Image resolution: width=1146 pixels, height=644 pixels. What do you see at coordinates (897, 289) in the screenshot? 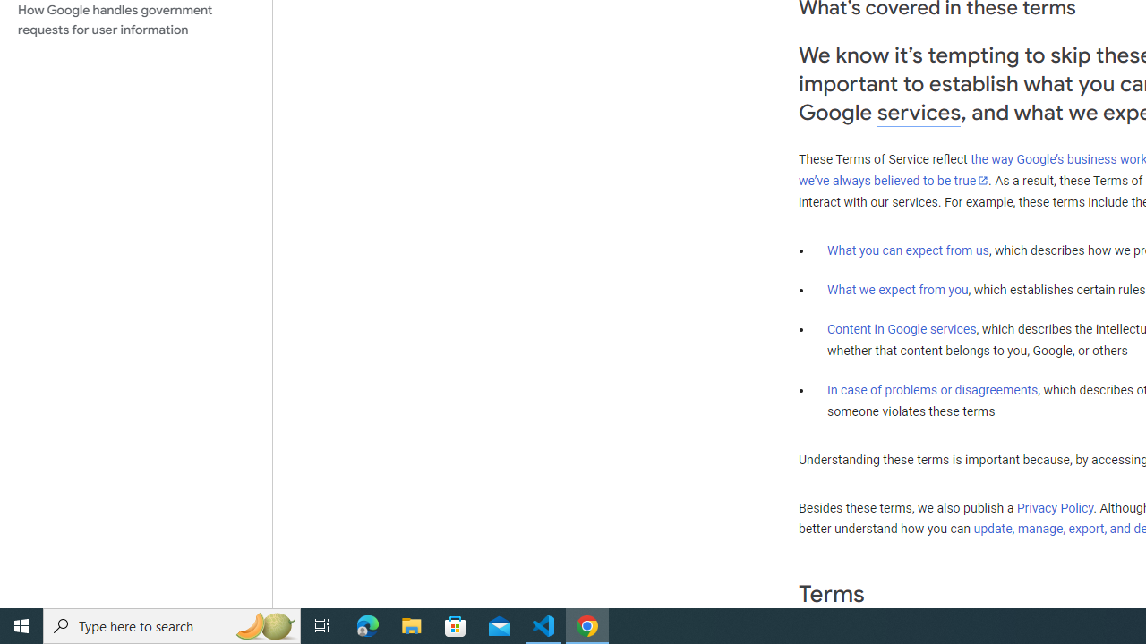
I see `'What we expect from you'` at bounding box center [897, 289].